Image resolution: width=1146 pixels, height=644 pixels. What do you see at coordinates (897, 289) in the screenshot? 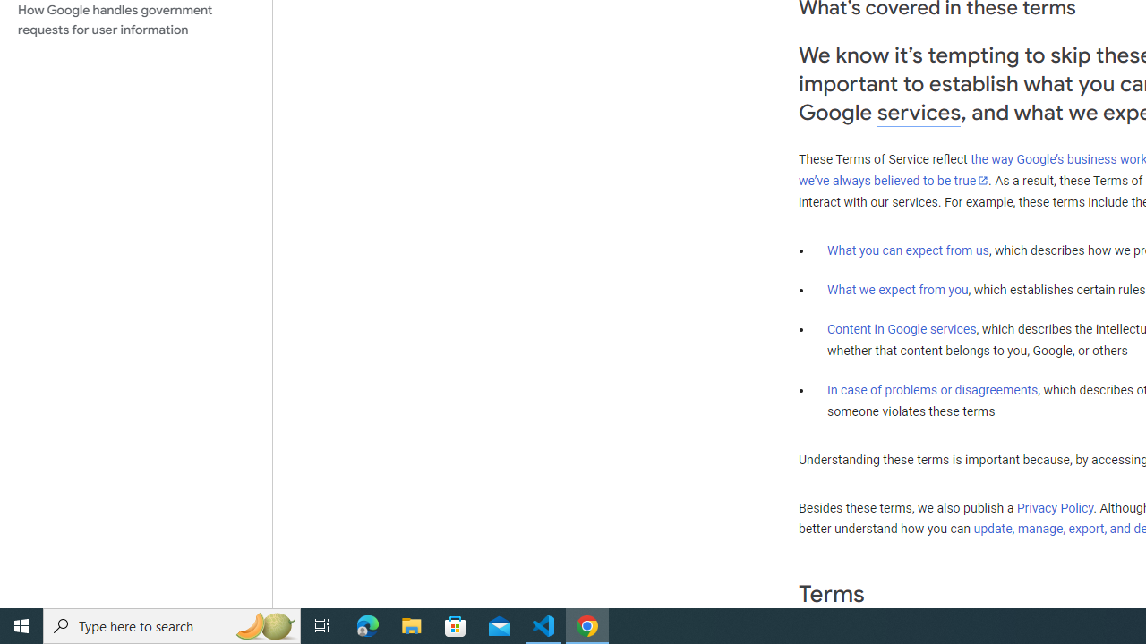
I see `'What we expect from you'` at bounding box center [897, 289].